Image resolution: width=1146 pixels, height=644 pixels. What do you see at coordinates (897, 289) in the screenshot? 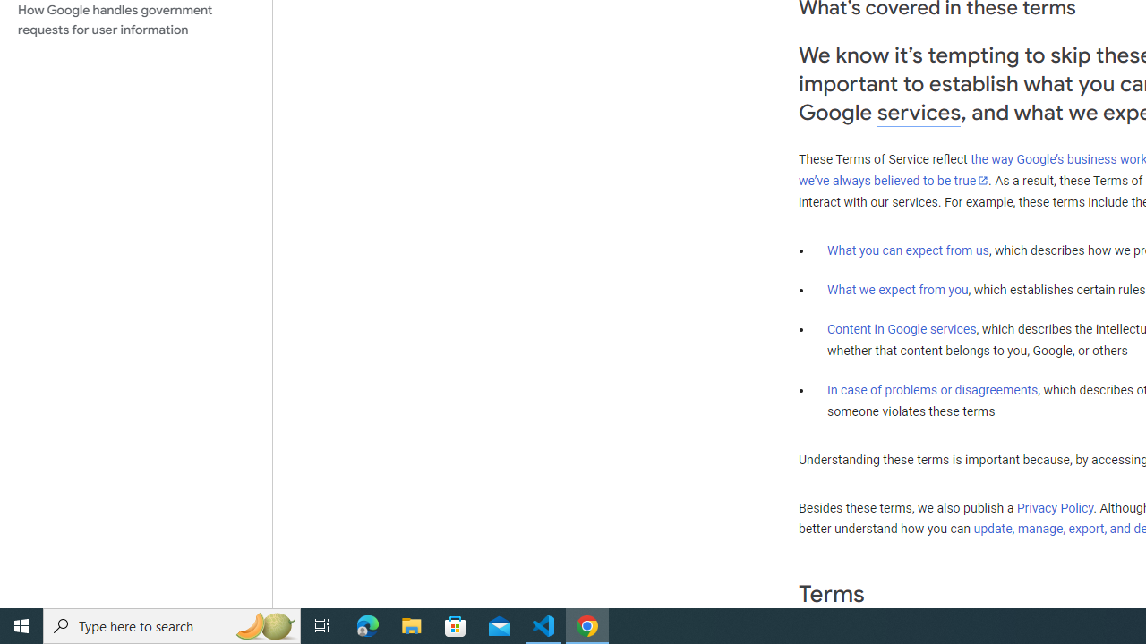
I see `'What we expect from you'` at bounding box center [897, 289].